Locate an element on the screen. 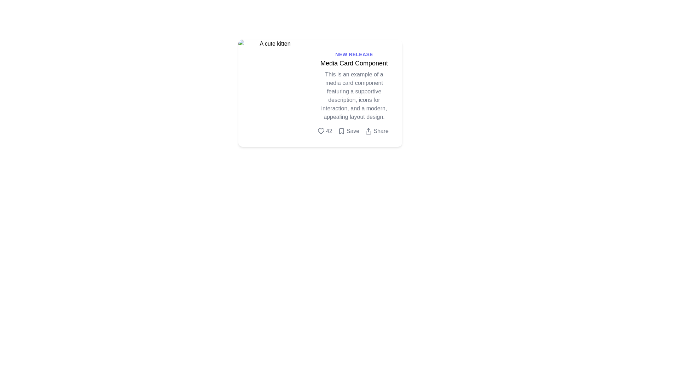 This screenshot has height=382, width=679. the Save button, which is the second clickable component in the line of interaction options at the bottom of the media card, to bookmark the associated content is located at coordinates (354, 131).